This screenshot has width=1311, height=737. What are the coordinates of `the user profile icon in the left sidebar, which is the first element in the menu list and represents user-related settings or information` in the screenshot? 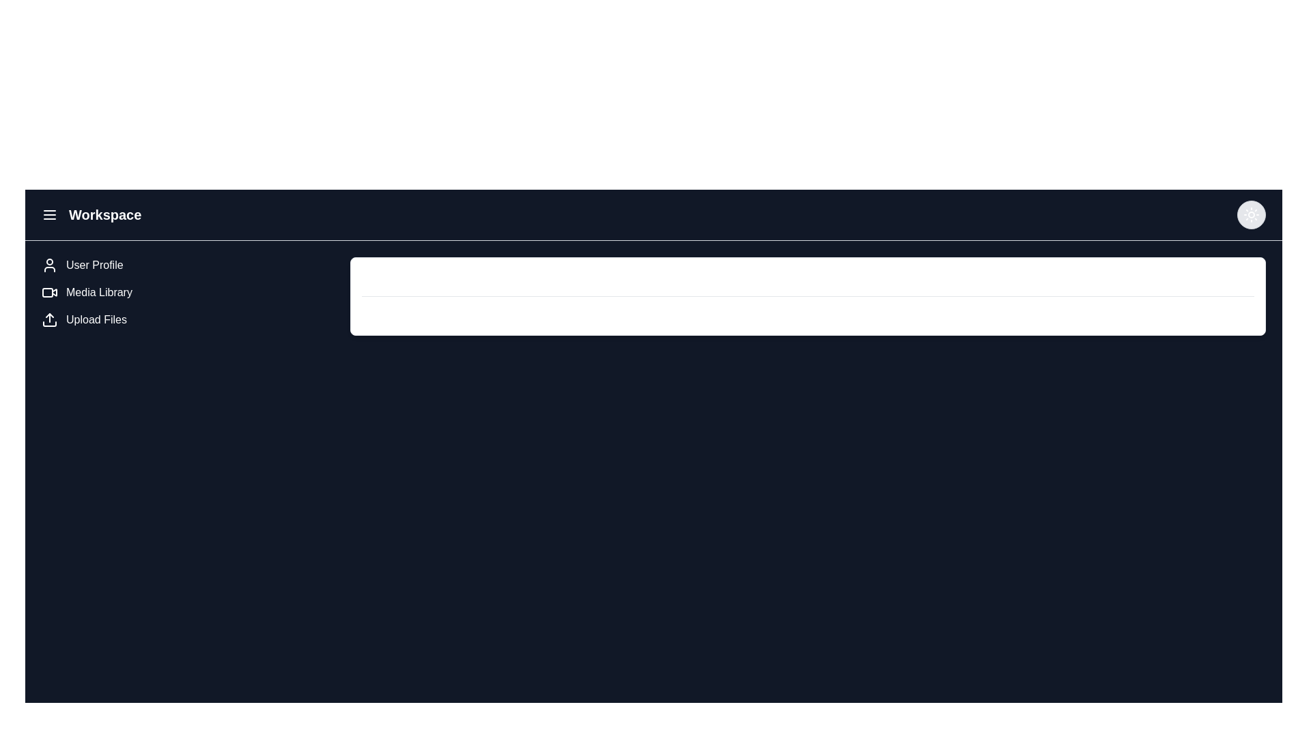 It's located at (49, 265).